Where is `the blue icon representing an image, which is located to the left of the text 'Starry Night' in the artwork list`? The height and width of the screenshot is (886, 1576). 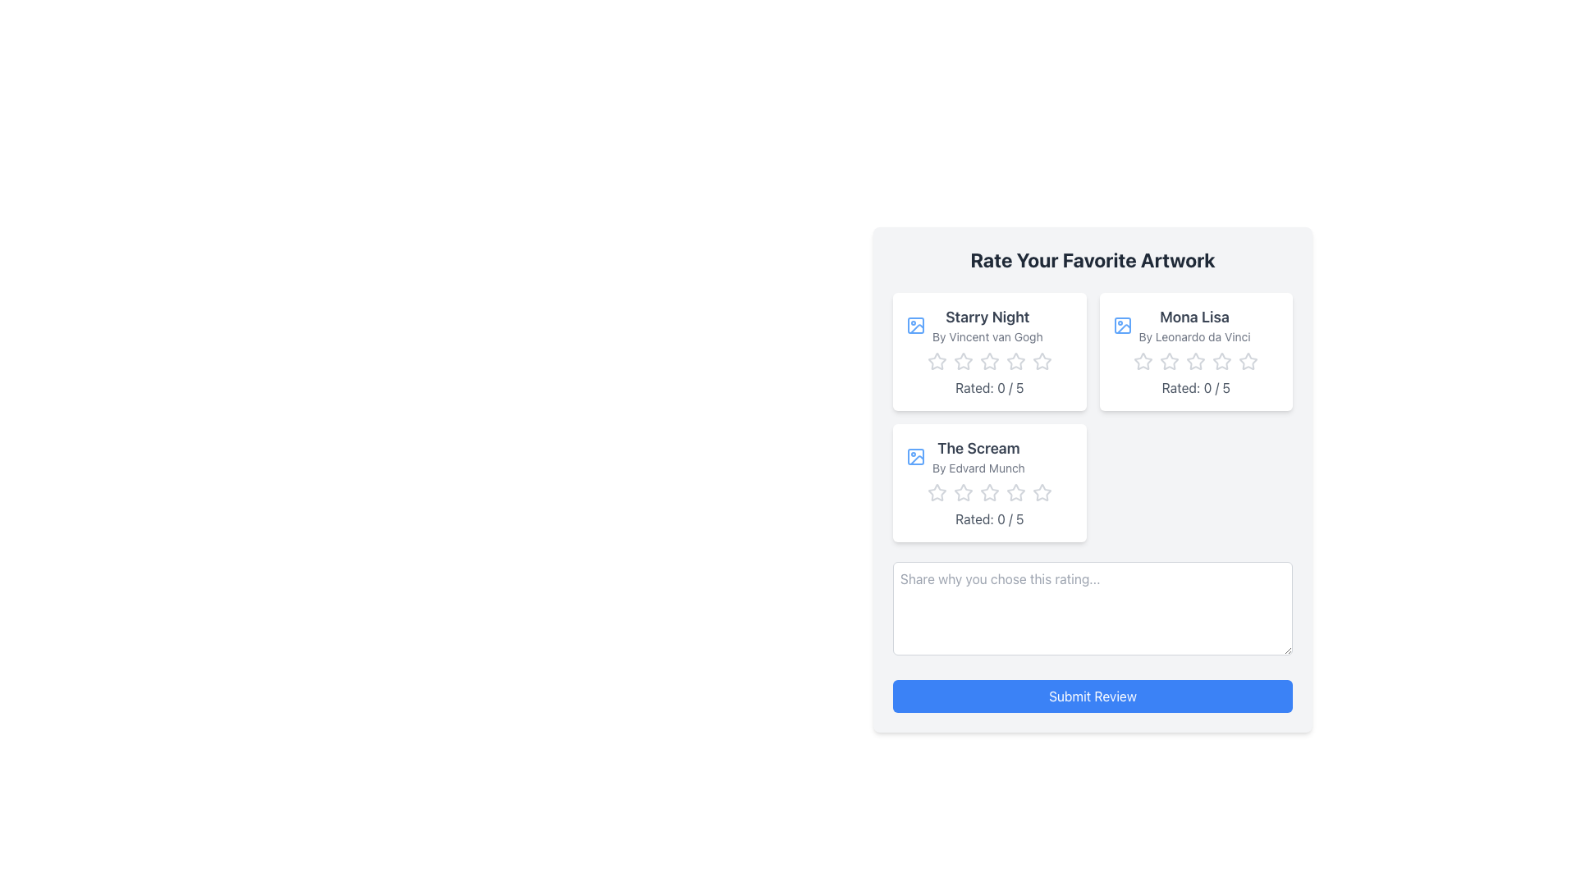 the blue icon representing an image, which is located to the left of the text 'Starry Night' in the artwork list is located at coordinates (915, 326).